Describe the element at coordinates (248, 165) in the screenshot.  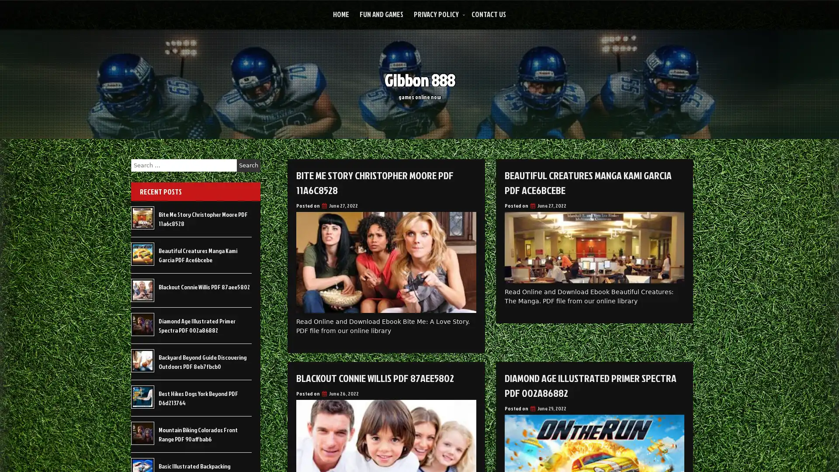
I see `Search` at that location.